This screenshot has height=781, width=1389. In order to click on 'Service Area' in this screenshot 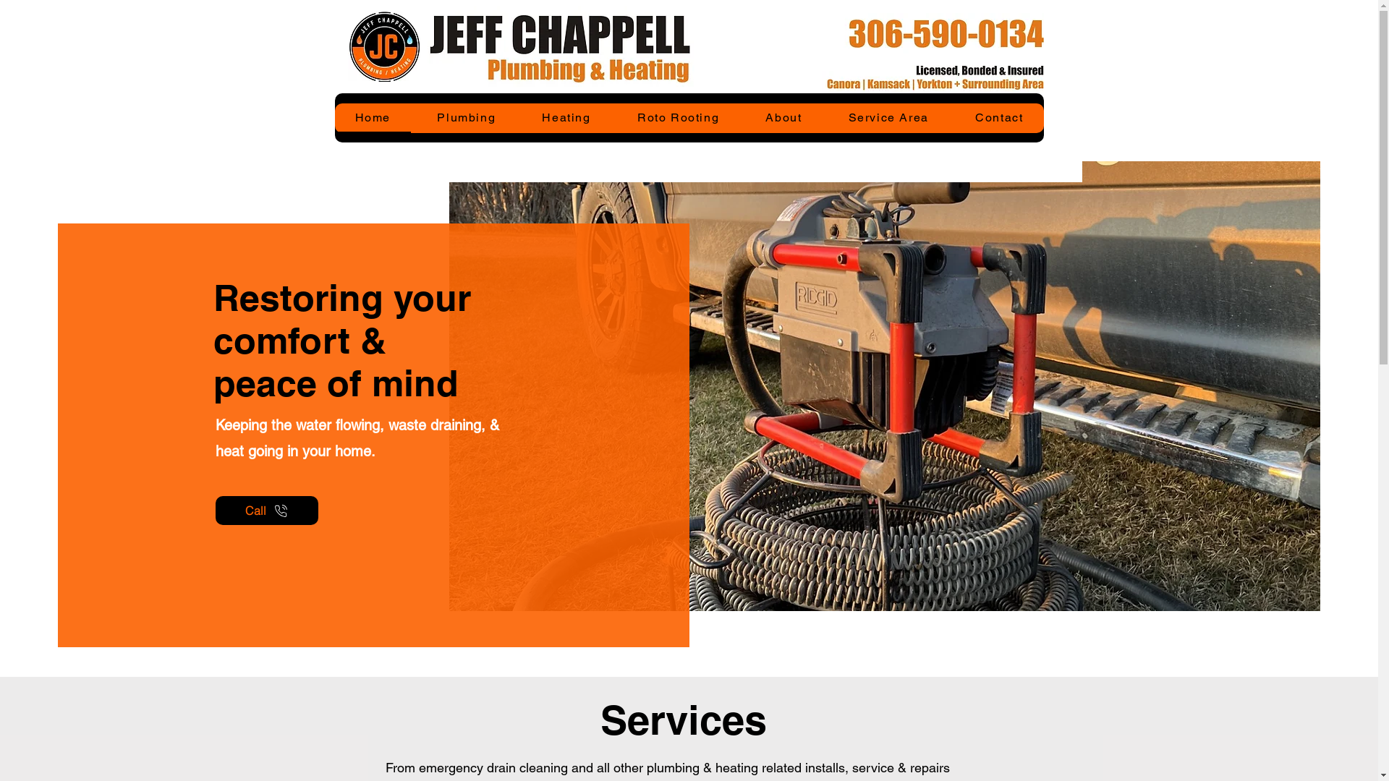, I will do `click(888, 117)`.